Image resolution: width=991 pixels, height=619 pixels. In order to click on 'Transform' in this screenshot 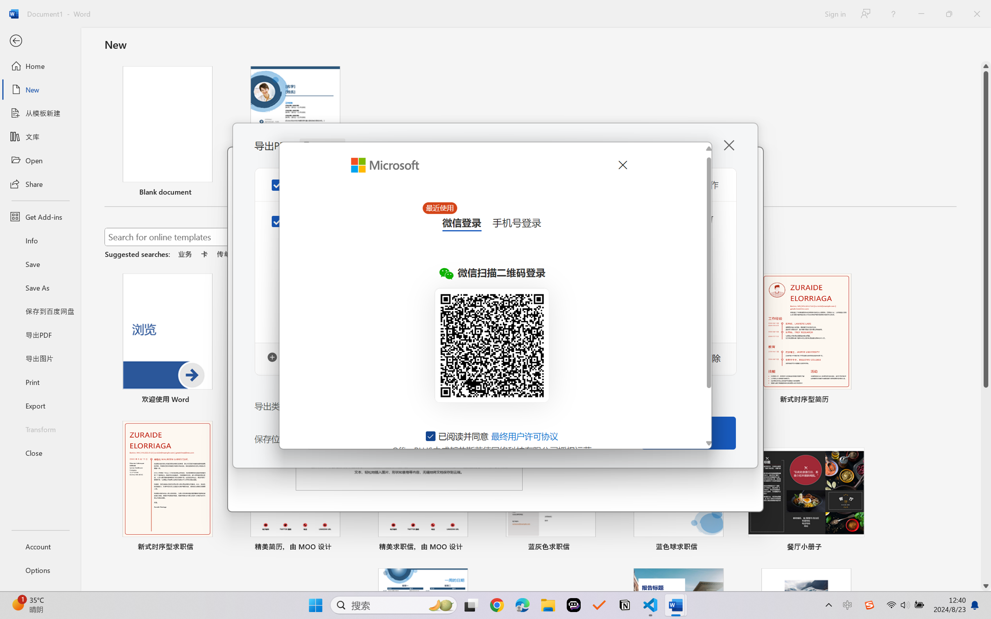, I will do `click(40, 428)`.